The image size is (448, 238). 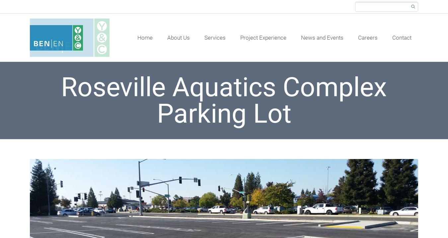 What do you see at coordinates (242, 178) in the screenshot?
I see `'Land Development Services'` at bounding box center [242, 178].